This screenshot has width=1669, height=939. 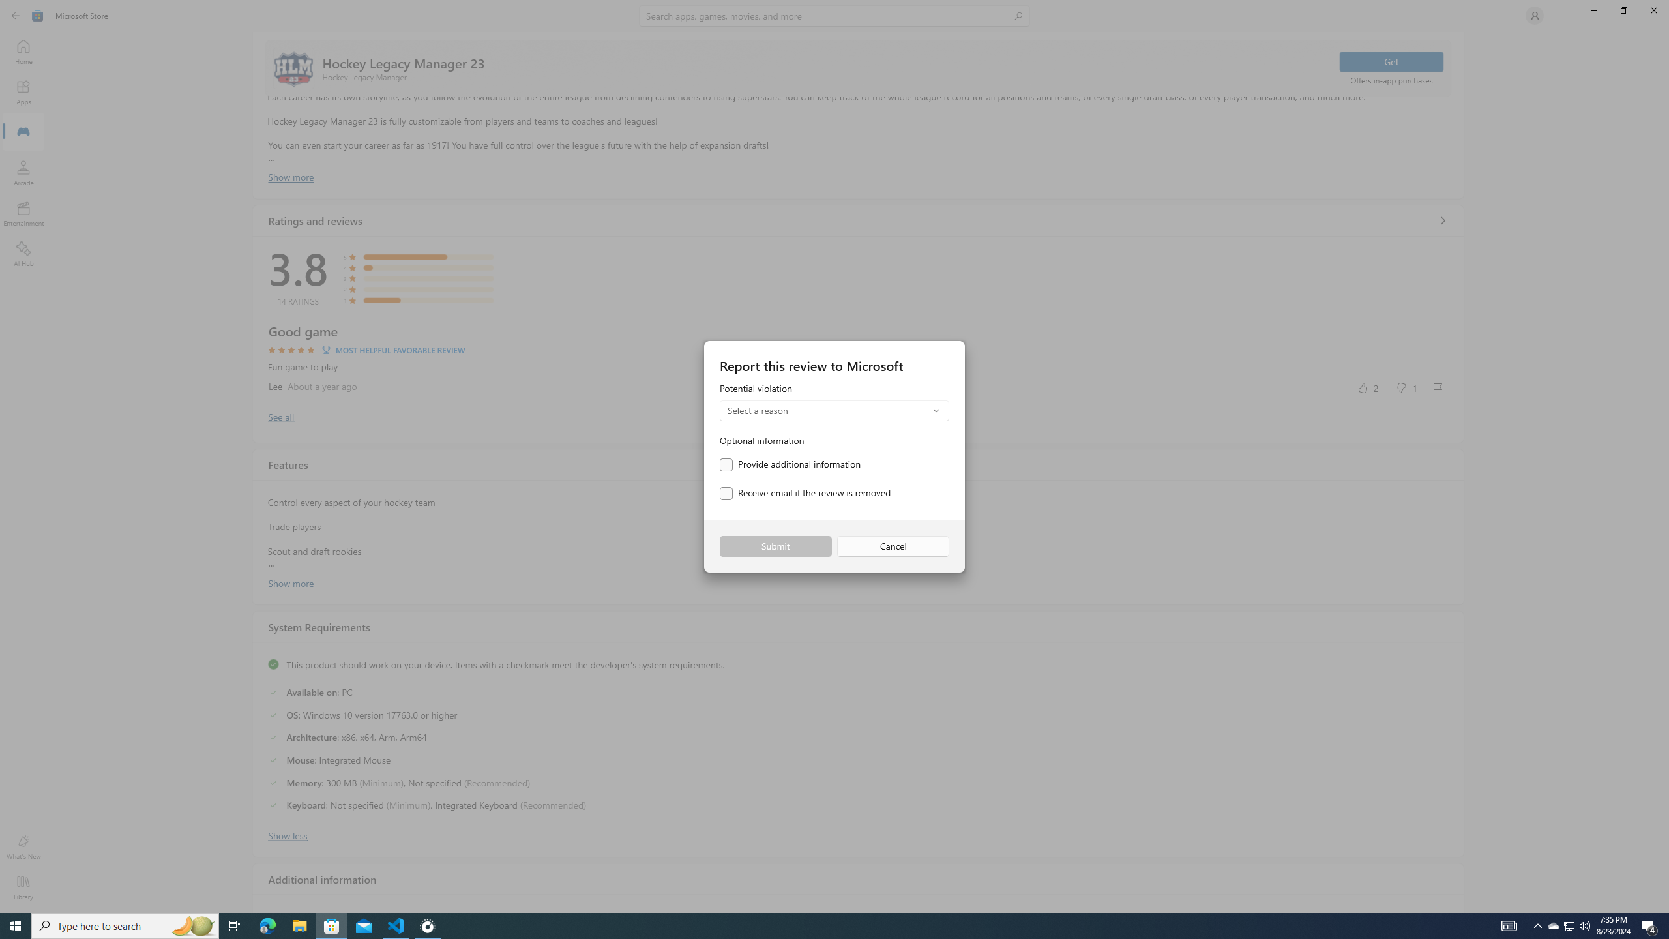 What do you see at coordinates (287, 834) in the screenshot?
I see `'Show less'` at bounding box center [287, 834].